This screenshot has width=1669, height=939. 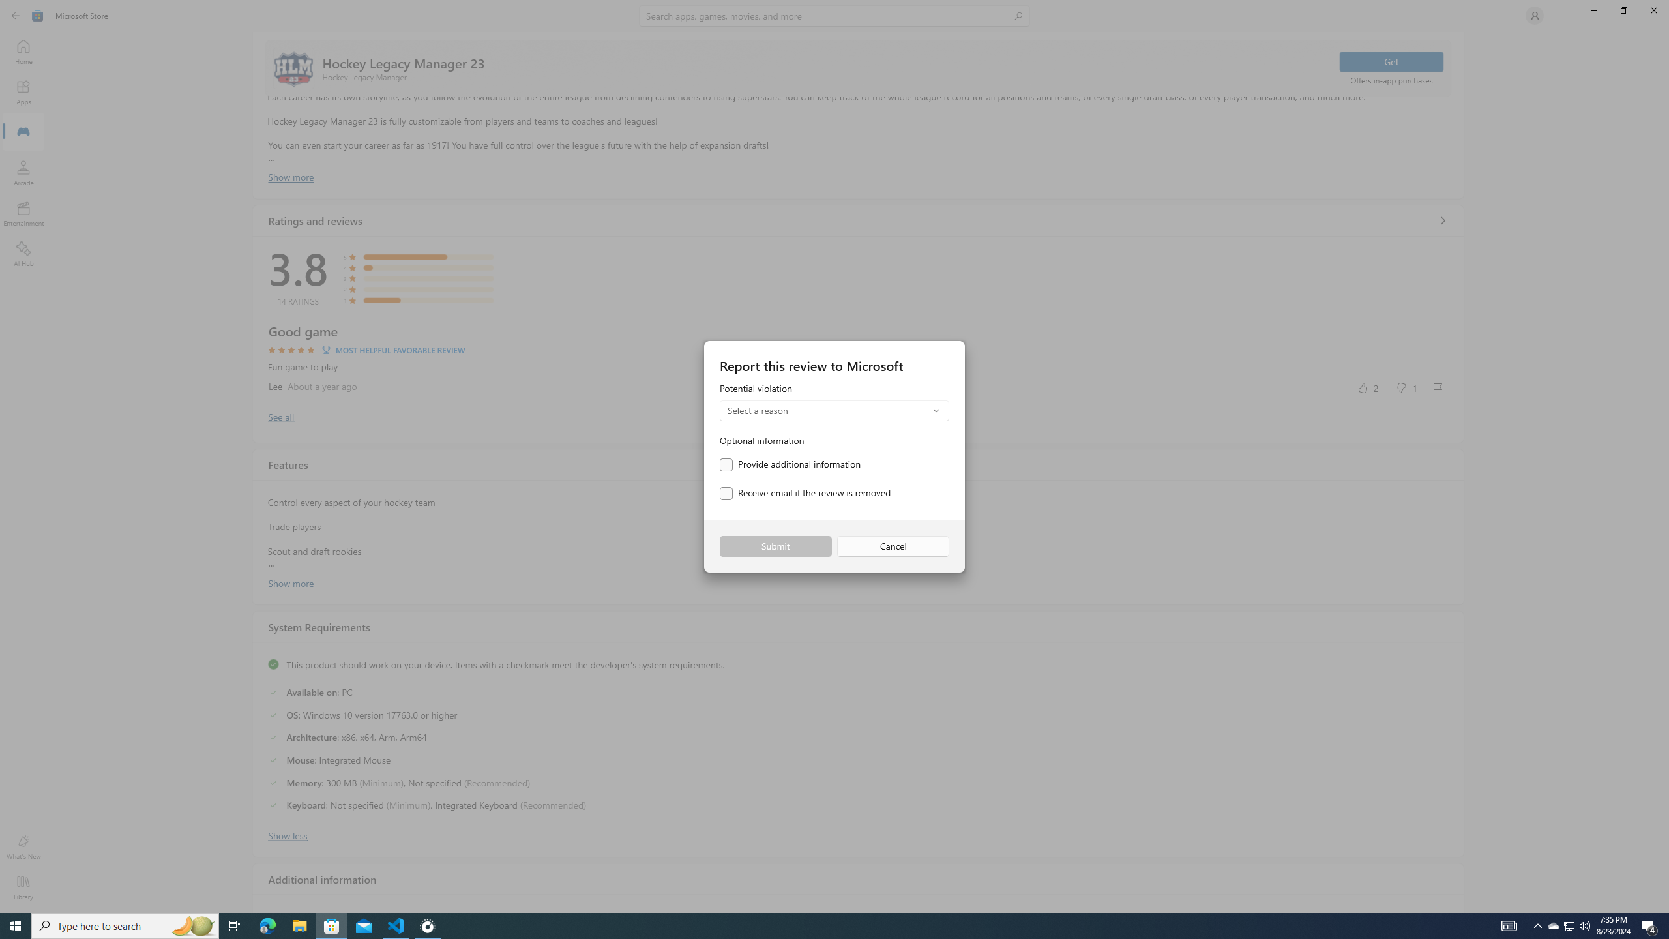 What do you see at coordinates (287, 834) in the screenshot?
I see `'Show less'` at bounding box center [287, 834].